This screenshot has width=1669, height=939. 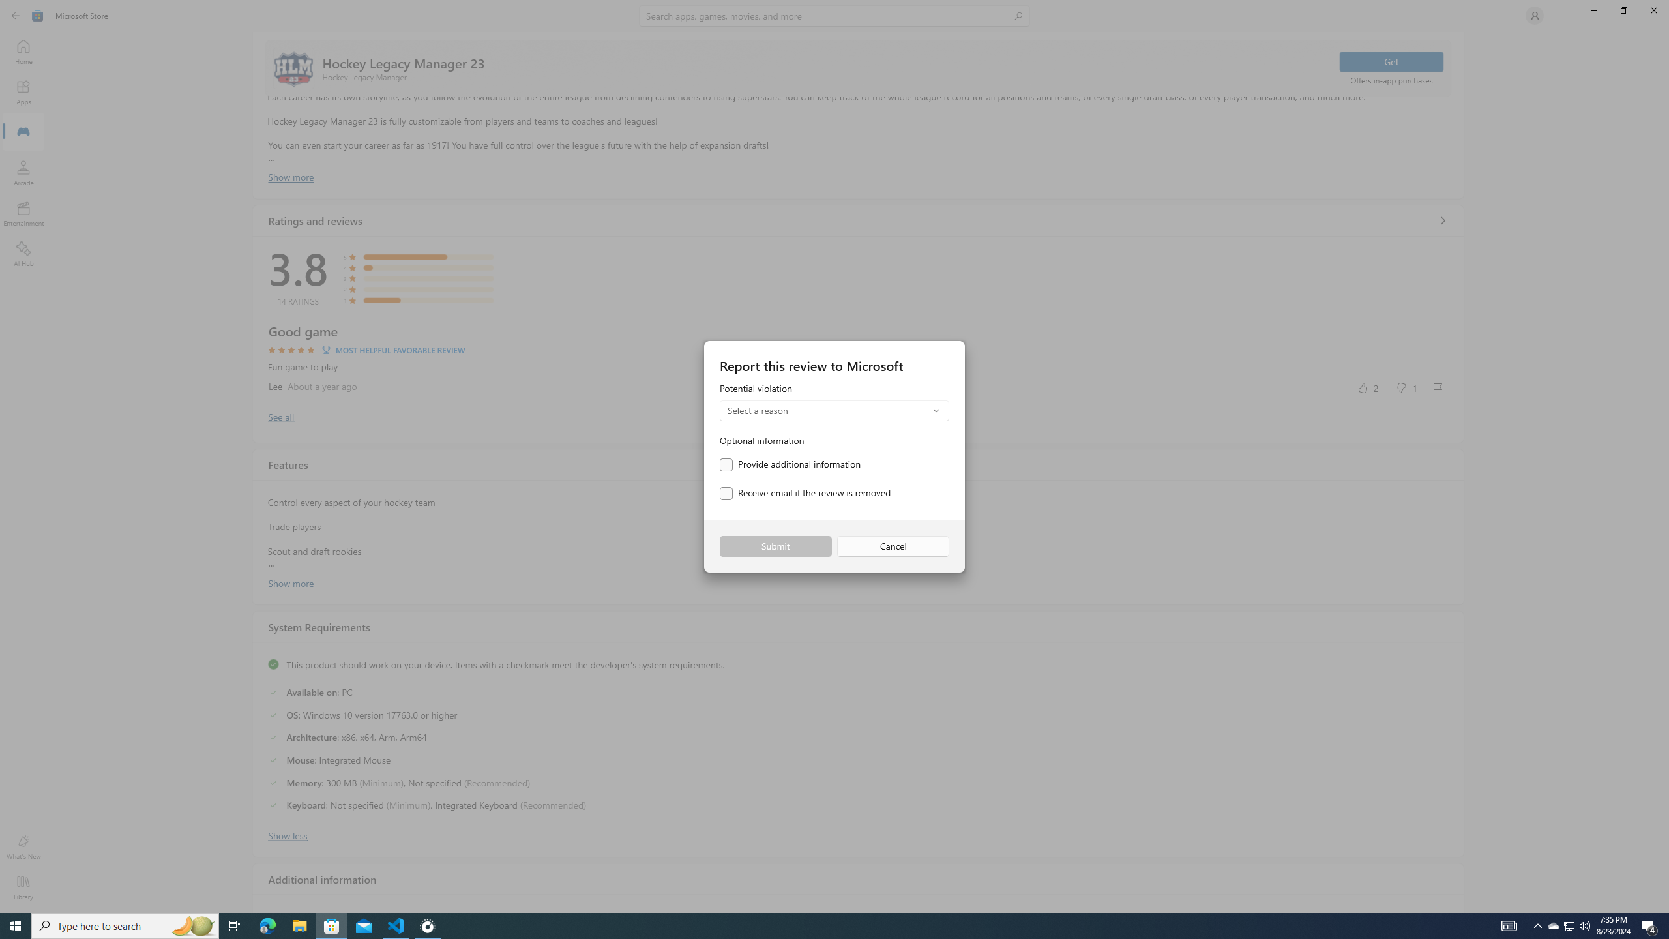 What do you see at coordinates (287, 834) in the screenshot?
I see `'Show less'` at bounding box center [287, 834].